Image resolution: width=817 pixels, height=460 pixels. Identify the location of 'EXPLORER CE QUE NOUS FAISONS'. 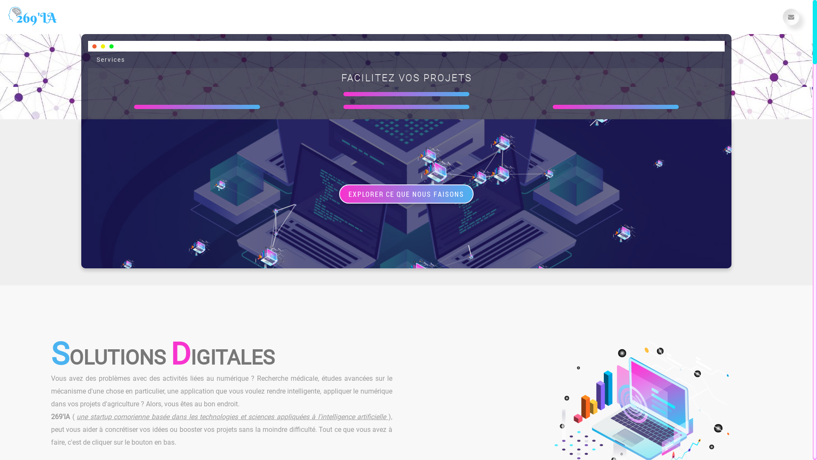
(406, 193).